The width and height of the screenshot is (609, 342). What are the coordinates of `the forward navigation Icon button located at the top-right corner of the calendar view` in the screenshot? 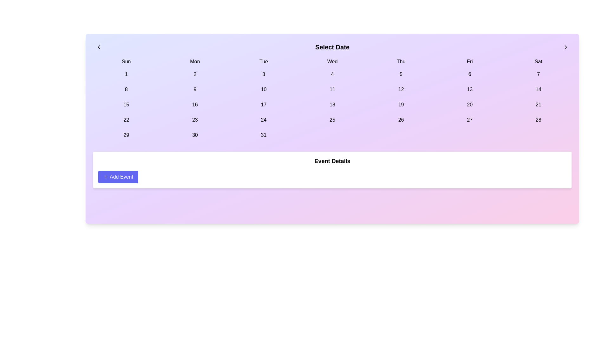 It's located at (566, 47).